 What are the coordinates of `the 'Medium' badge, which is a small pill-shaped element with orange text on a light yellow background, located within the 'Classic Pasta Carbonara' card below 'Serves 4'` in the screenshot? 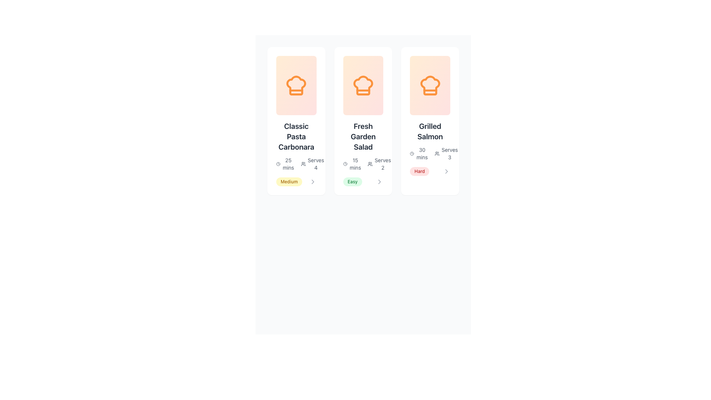 It's located at (296, 181).